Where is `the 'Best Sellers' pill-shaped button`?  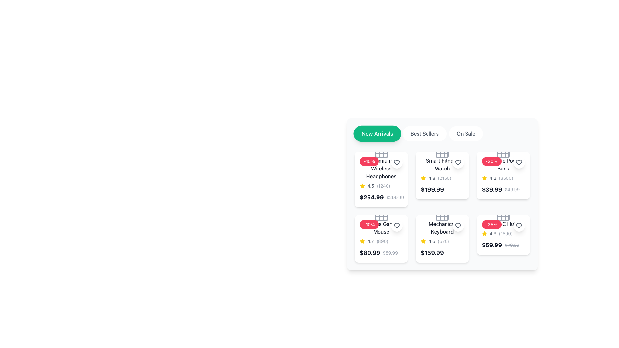 the 'Best Sellers' pill-shaped button is located at coordinates (425, 133).